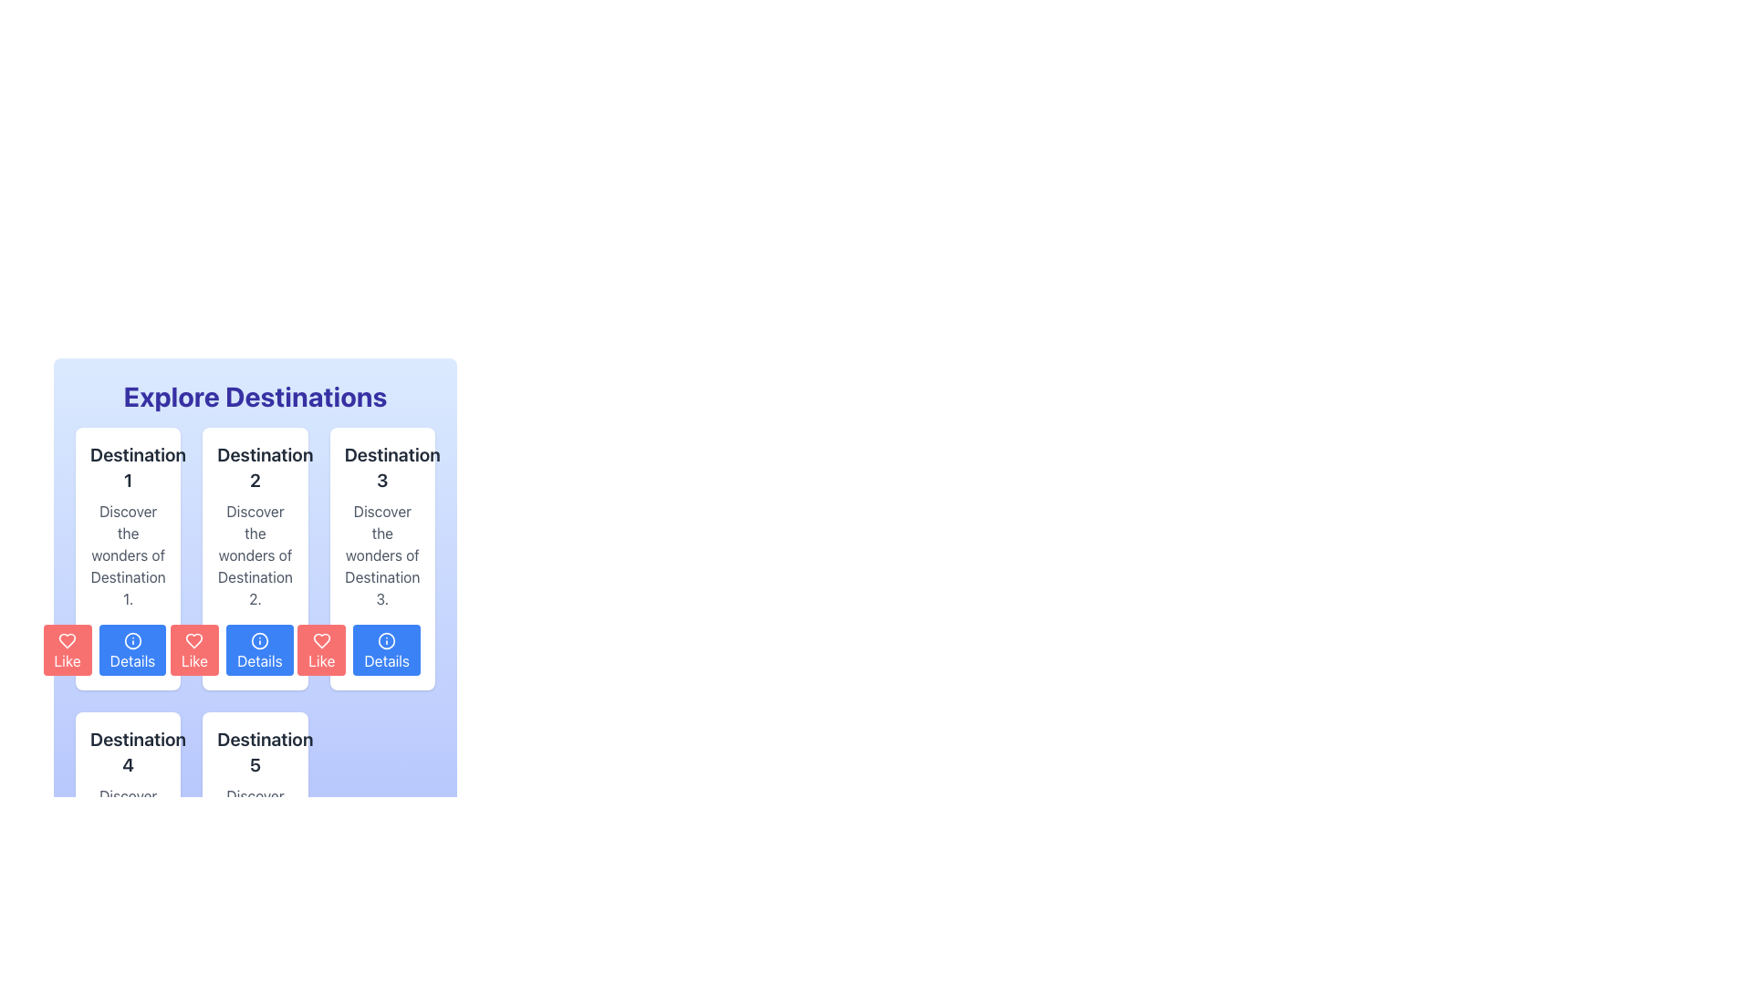  I want to click on the circular icon with a blue border and a white background, which is the central part of the third 'Details' button under the 'Explore Destinations' section, so click(386, 639).